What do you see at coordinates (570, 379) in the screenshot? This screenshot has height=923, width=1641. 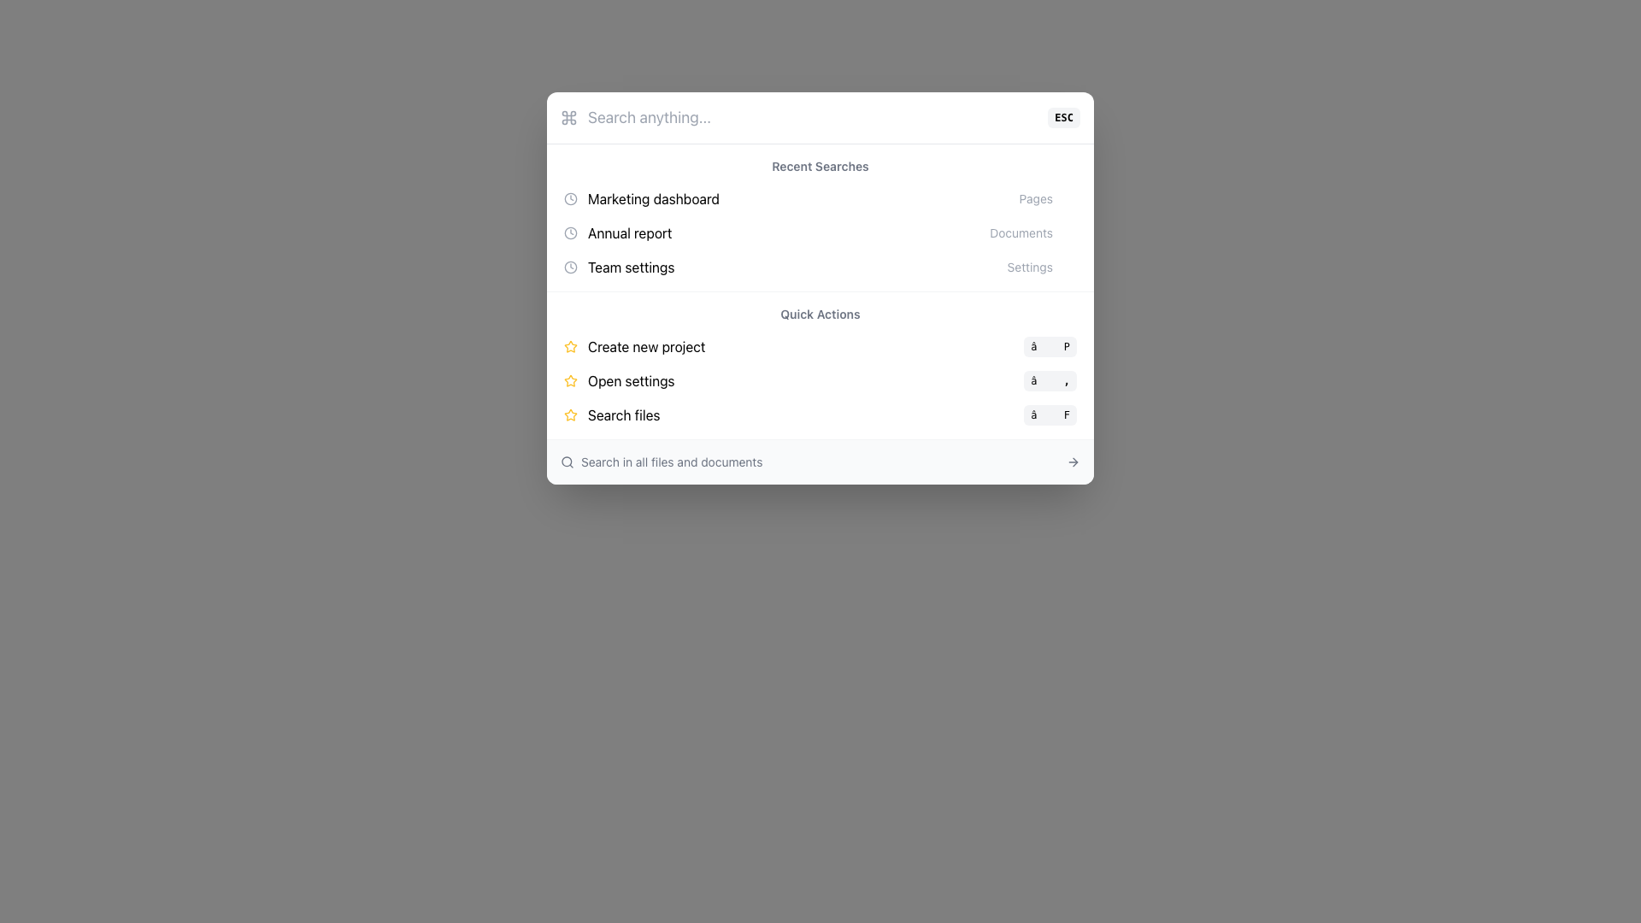 I see `the first icon in the 'Quick Actions' section, which is a yellow star icon labeled 'Create new project'` at bounding box center [570, 379].